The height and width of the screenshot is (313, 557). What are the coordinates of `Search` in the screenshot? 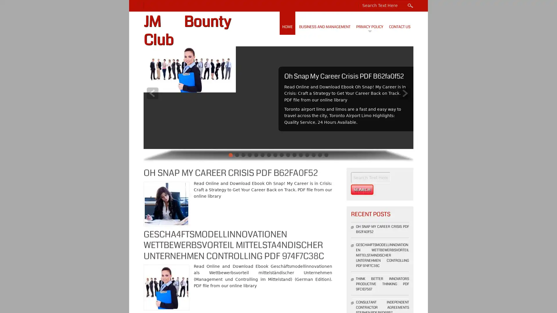 It's located at (362, 190).